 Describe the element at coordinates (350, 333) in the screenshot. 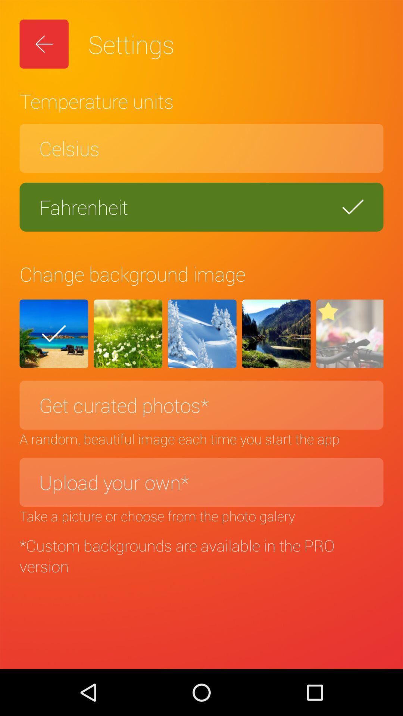

I see `the icon below change background image` at that location.